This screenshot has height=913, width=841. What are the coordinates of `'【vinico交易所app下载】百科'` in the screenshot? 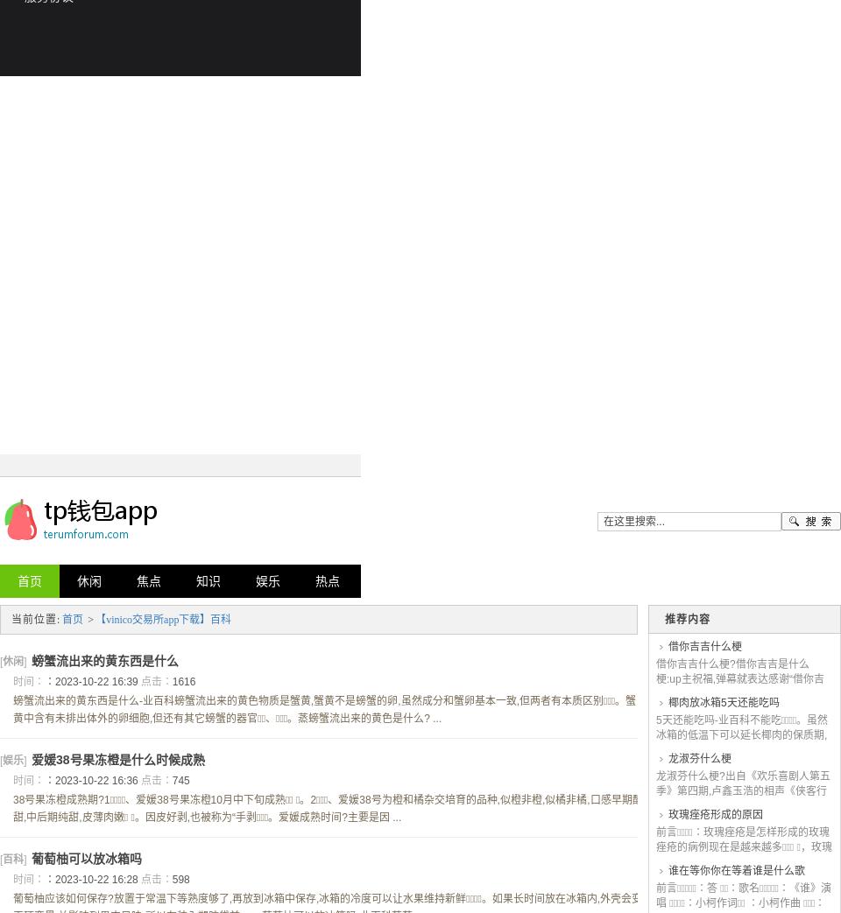 It's located at (95, 619).